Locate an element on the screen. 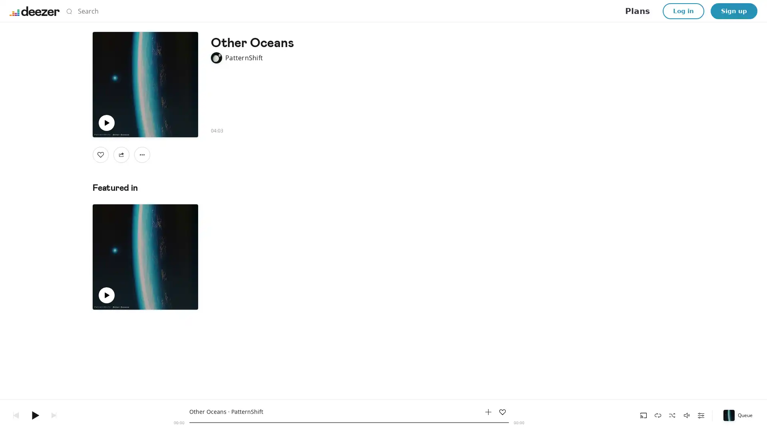 The image size is (767, 431). Turn on Shuffle is located at coordinates (672, 415).